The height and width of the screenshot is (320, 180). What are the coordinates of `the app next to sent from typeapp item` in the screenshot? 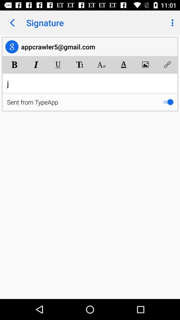 It's located at (168, 102).